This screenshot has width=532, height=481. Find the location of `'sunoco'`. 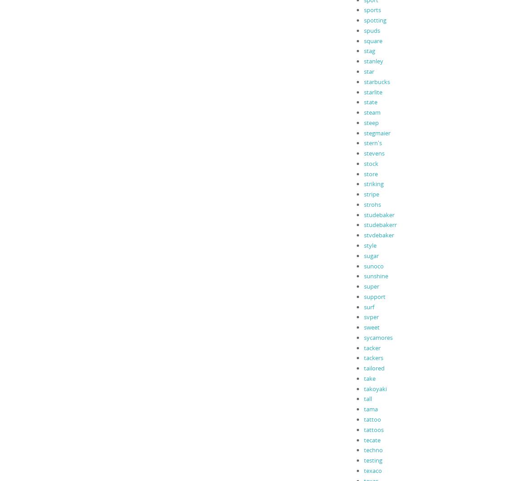

'sunoco' is located at coordinates (373, 265).